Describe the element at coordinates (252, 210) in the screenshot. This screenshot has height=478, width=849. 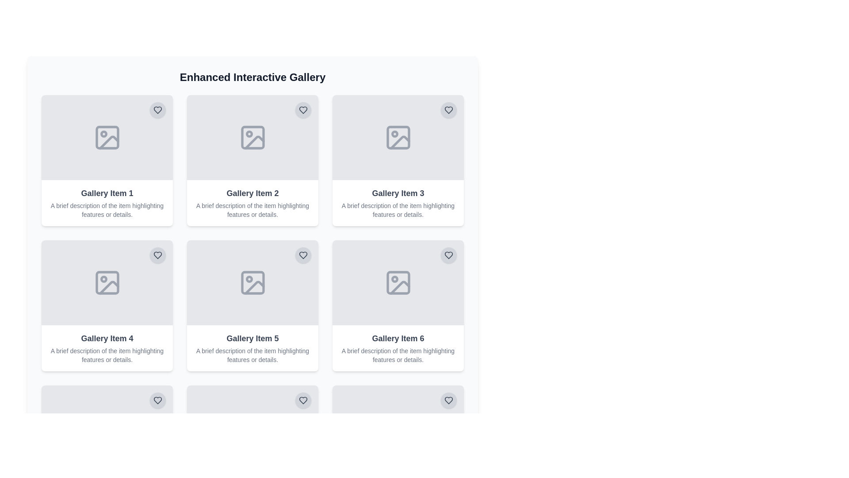
I see `the text element that provides a brief description for 'Gallery Item 2', located in the second column of the first row, below the title text` at that location.